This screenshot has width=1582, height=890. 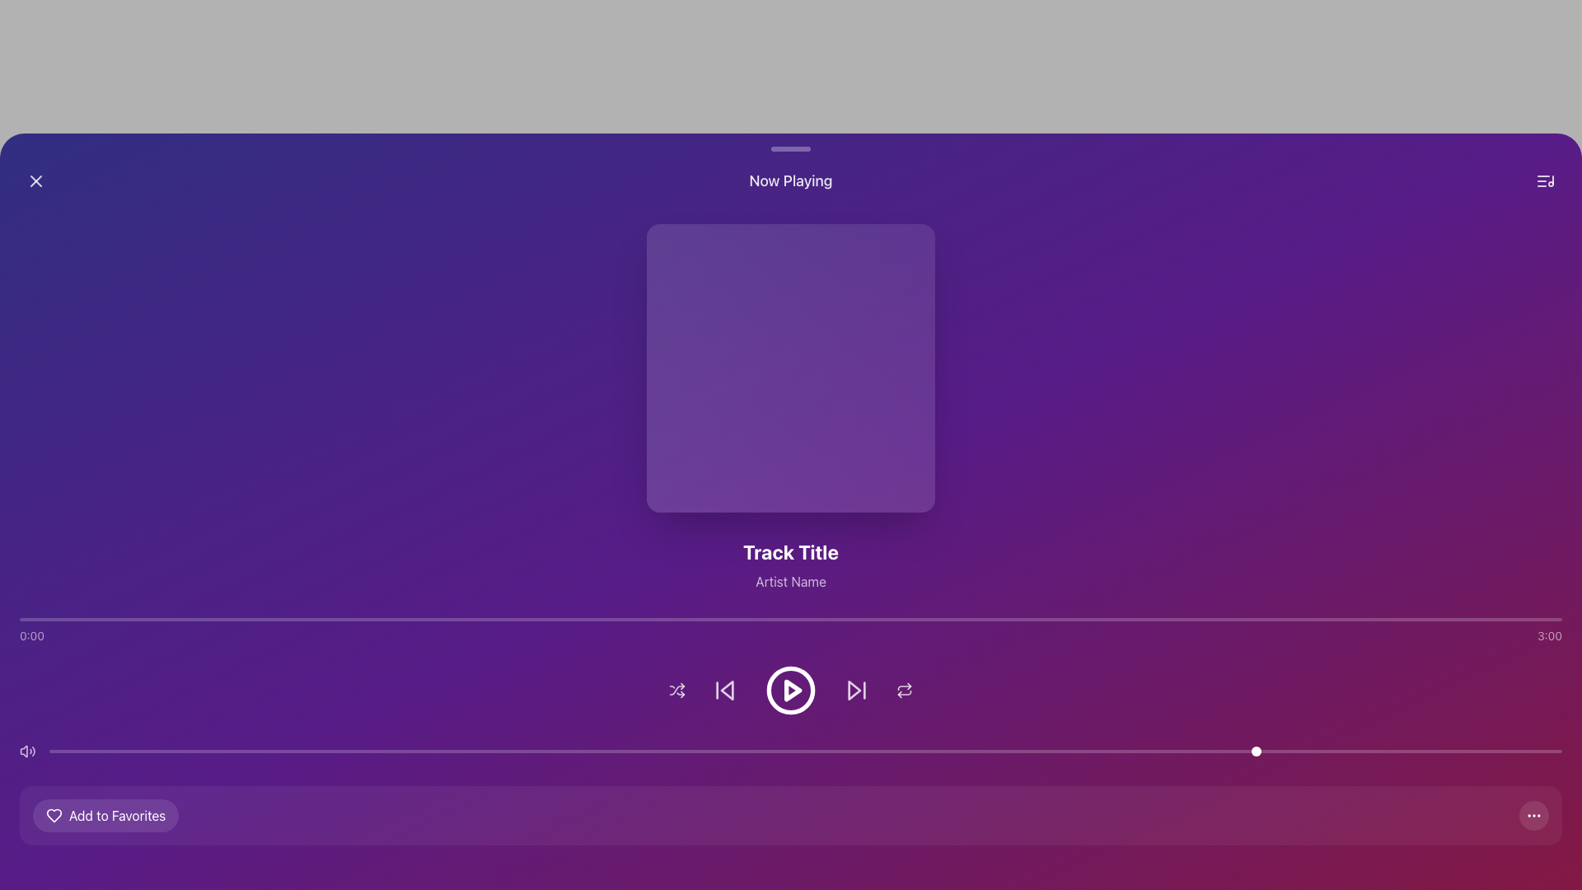 I want to click on the text label displaying '0:00' located at the left end of the horizontal bar near the bottom of the interface, so click(x=31, y=635).